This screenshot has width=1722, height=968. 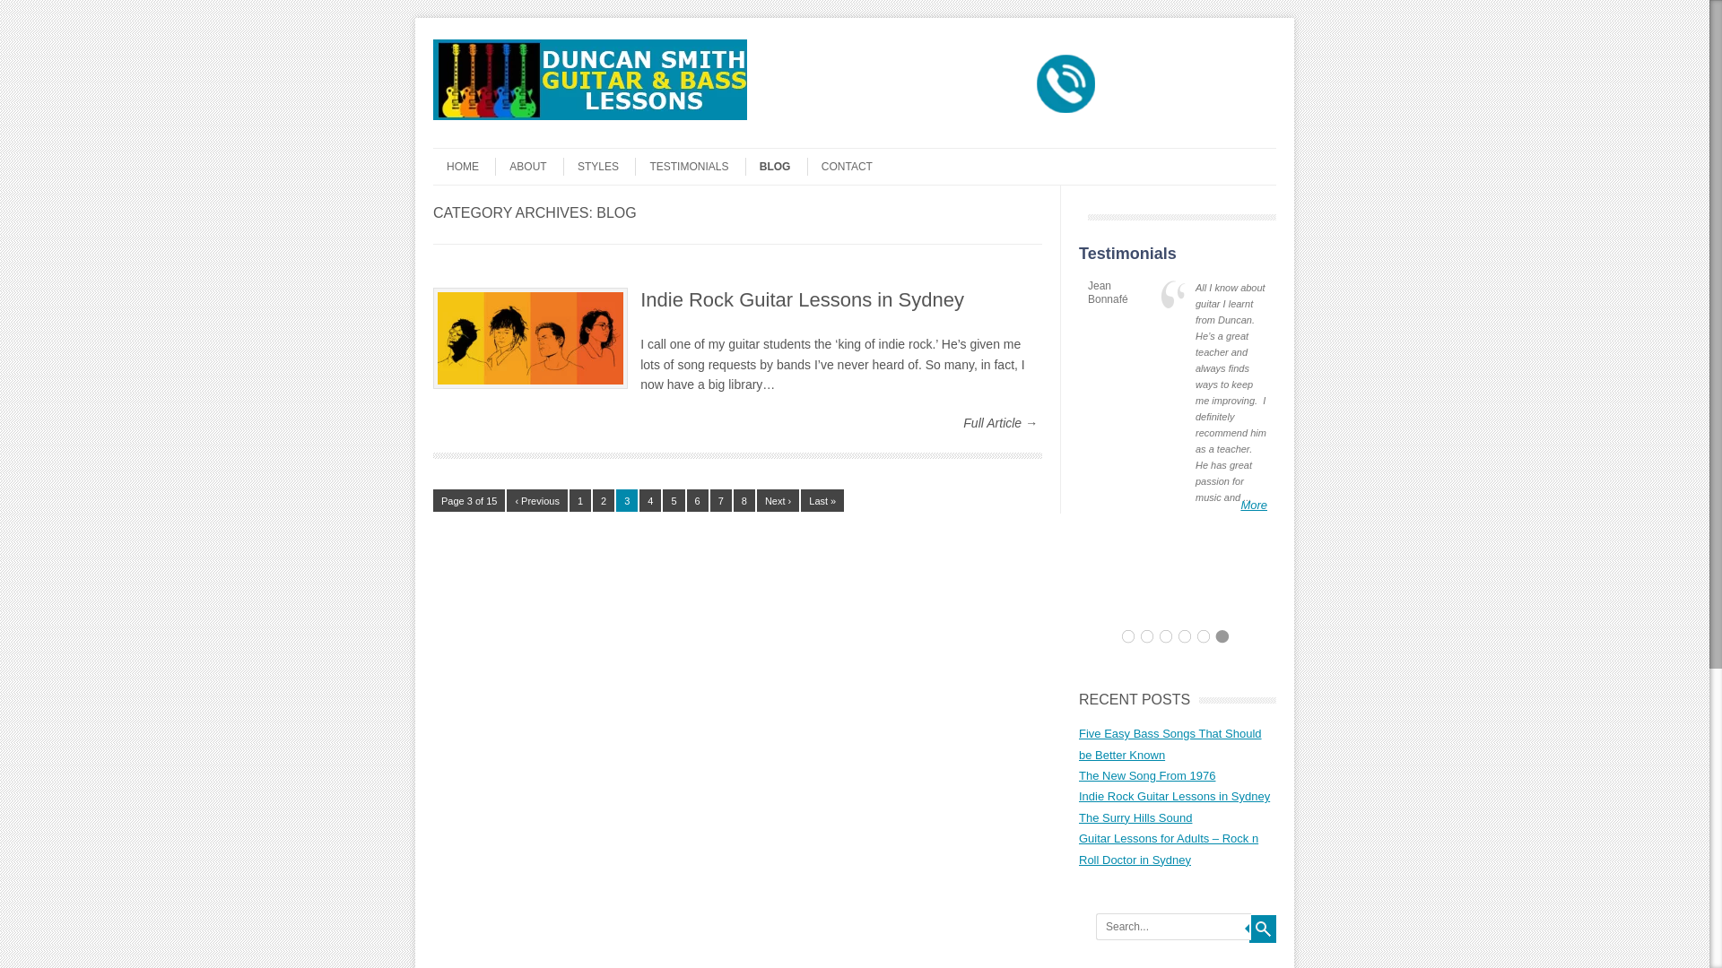 I want to click on '4', so click(x=648, y=500).